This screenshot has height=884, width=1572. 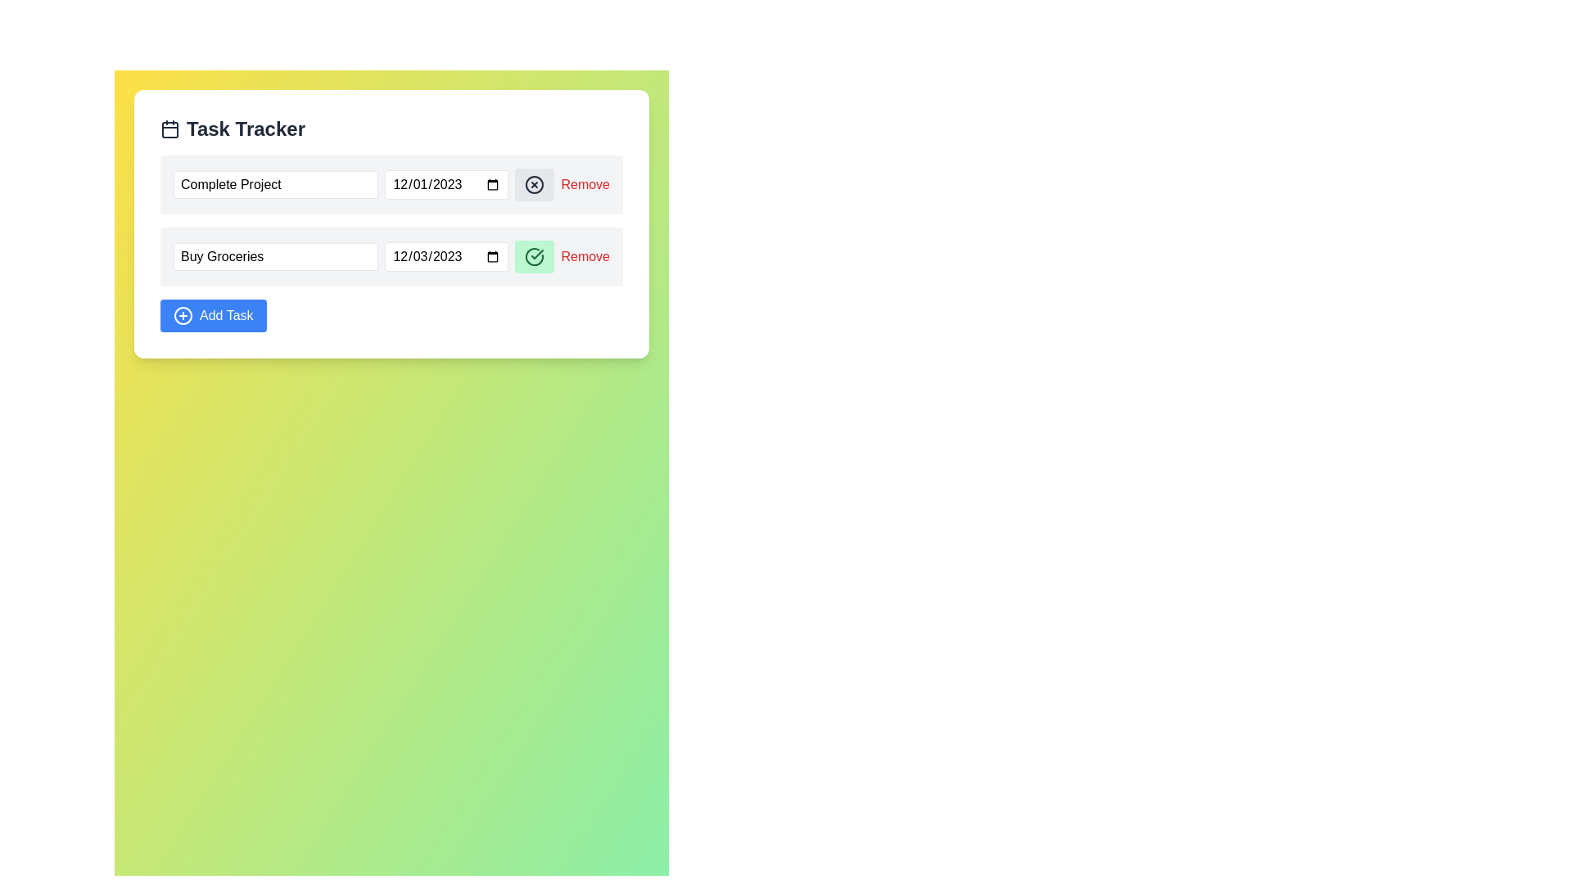 What do you see at coordinates (535, 184) in the screenshot?
I see `the clear or remove button located to the right of the date input field in the task tracker interface` at bounding box center [535, 184].